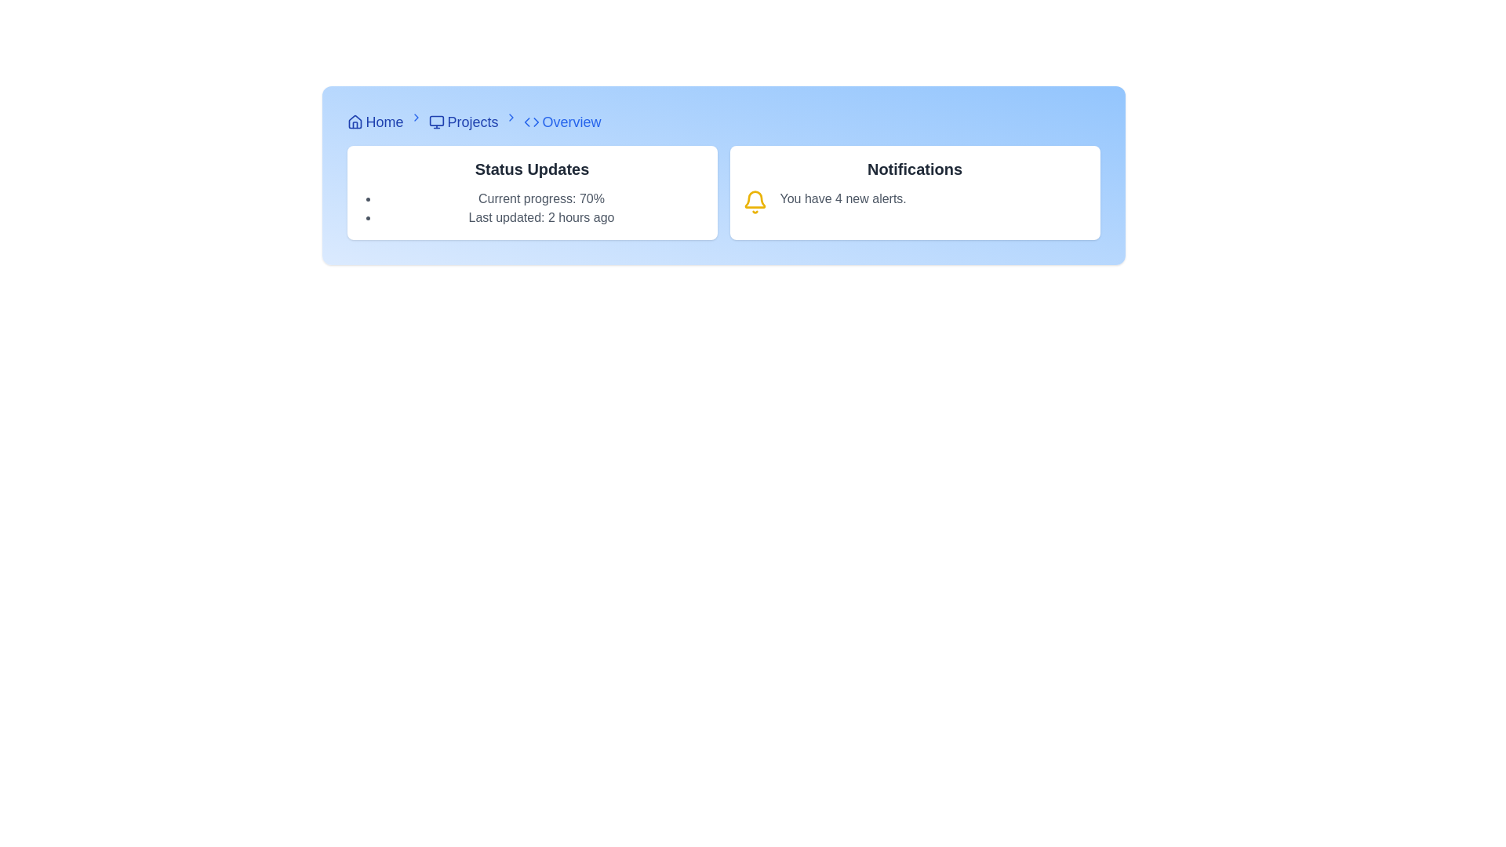  What do you see at coordinates (755, 202) in the screenshot?
I see `the notification bell icon styled with rounded edges and filled with yellow color, located in the Notifications section next to the text 'You have 4 new alerts'` at bounding box center [755, 202].